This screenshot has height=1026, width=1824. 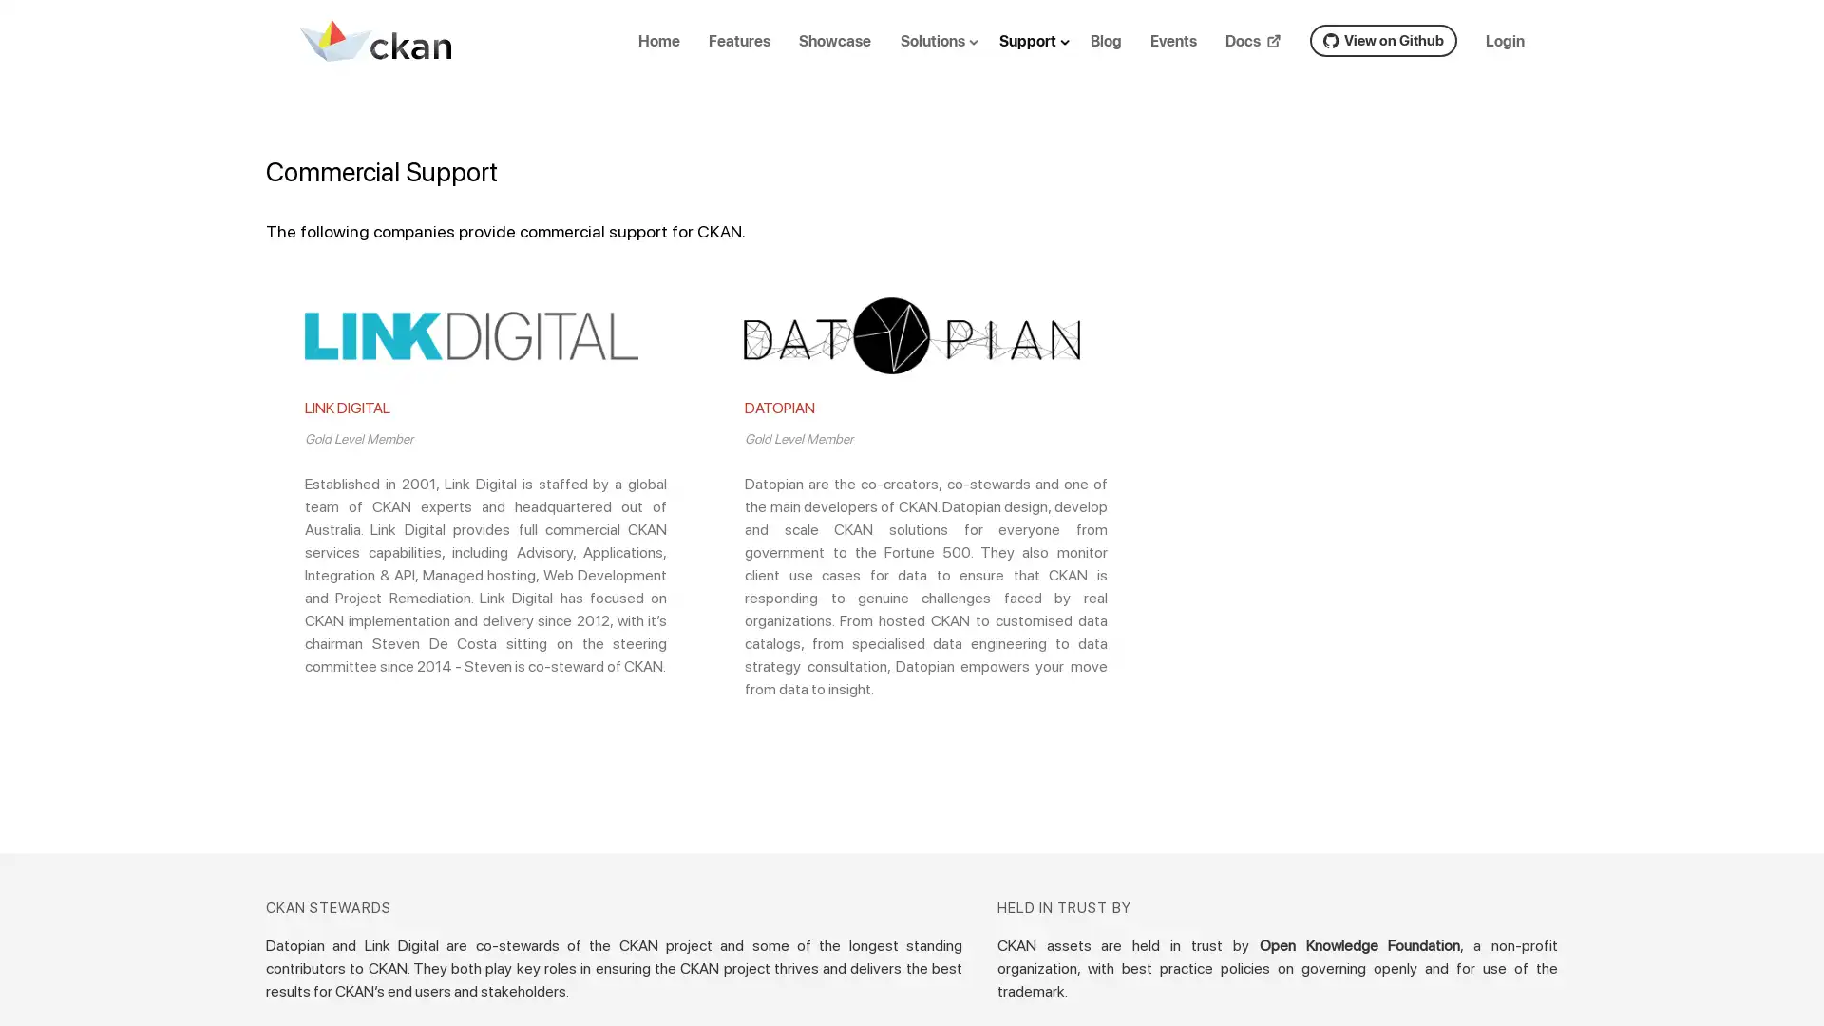 What do you see at coordinates (1049, 55) in the screenshot?
I see `Support` at bounding box center [1049, 55].